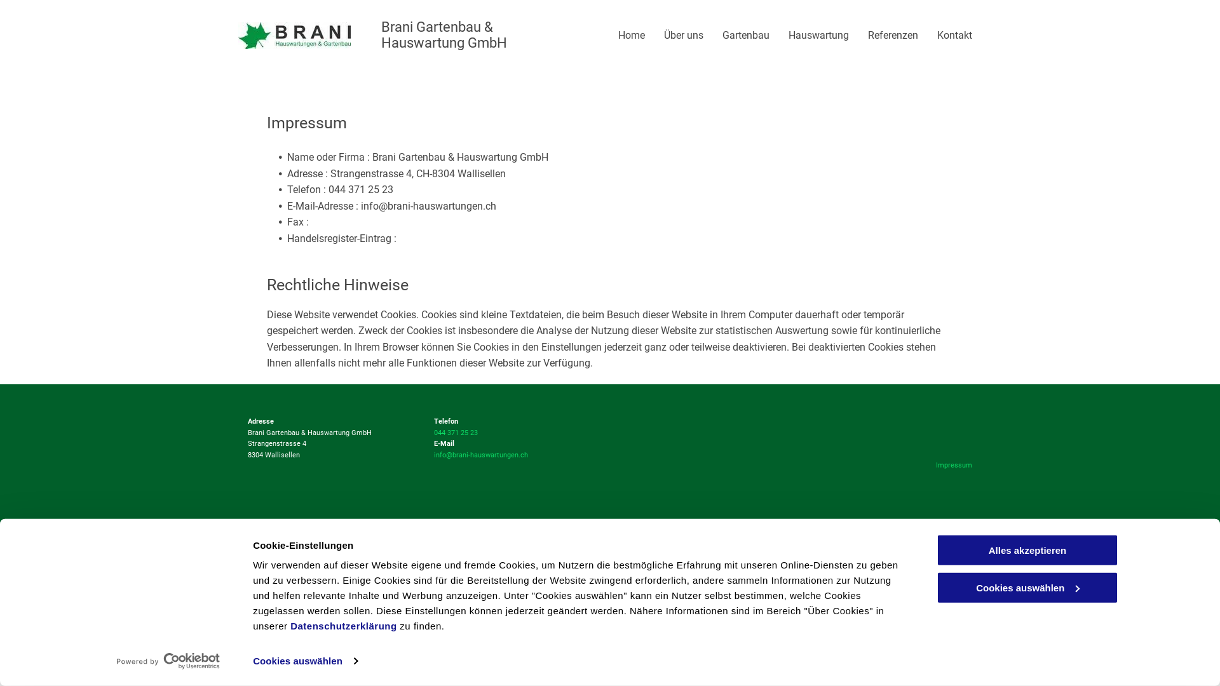  I want to click on 'Kontakt', so click(954, 34).